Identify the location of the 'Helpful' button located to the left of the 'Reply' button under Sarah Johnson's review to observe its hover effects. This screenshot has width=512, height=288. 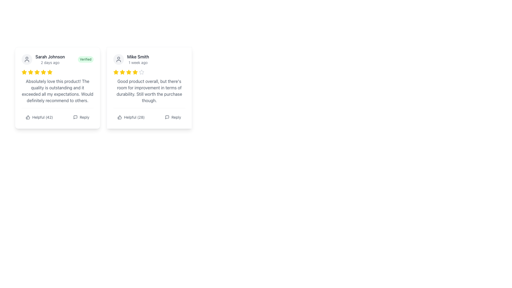
(39, 117).